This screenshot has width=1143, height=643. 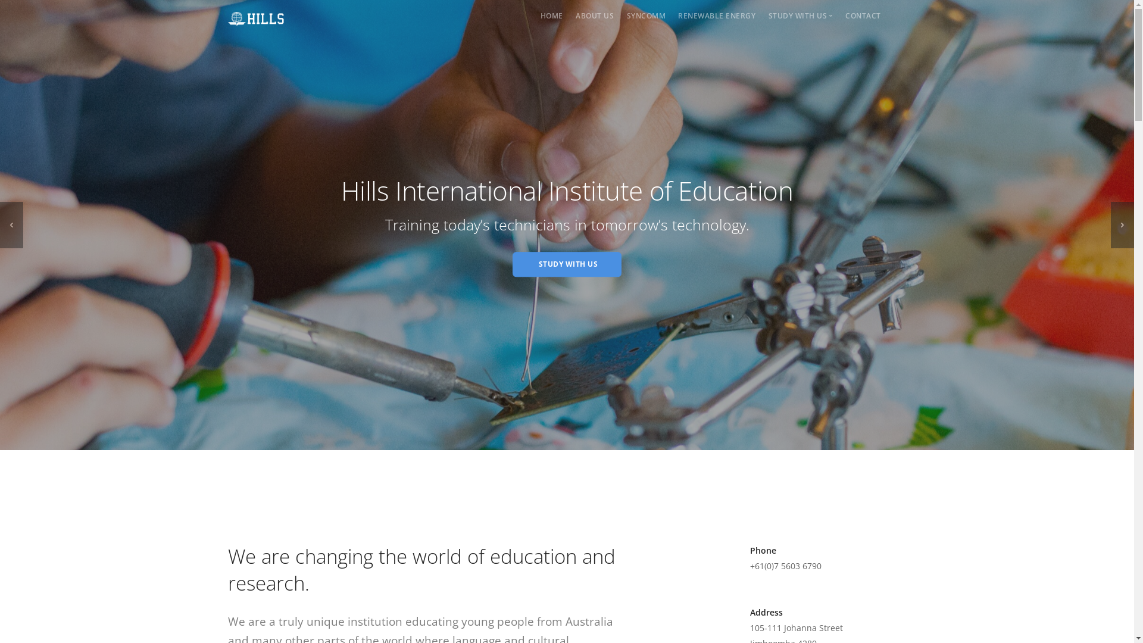 I want to click on 'ABOUT US', so click(x=594, y=15).